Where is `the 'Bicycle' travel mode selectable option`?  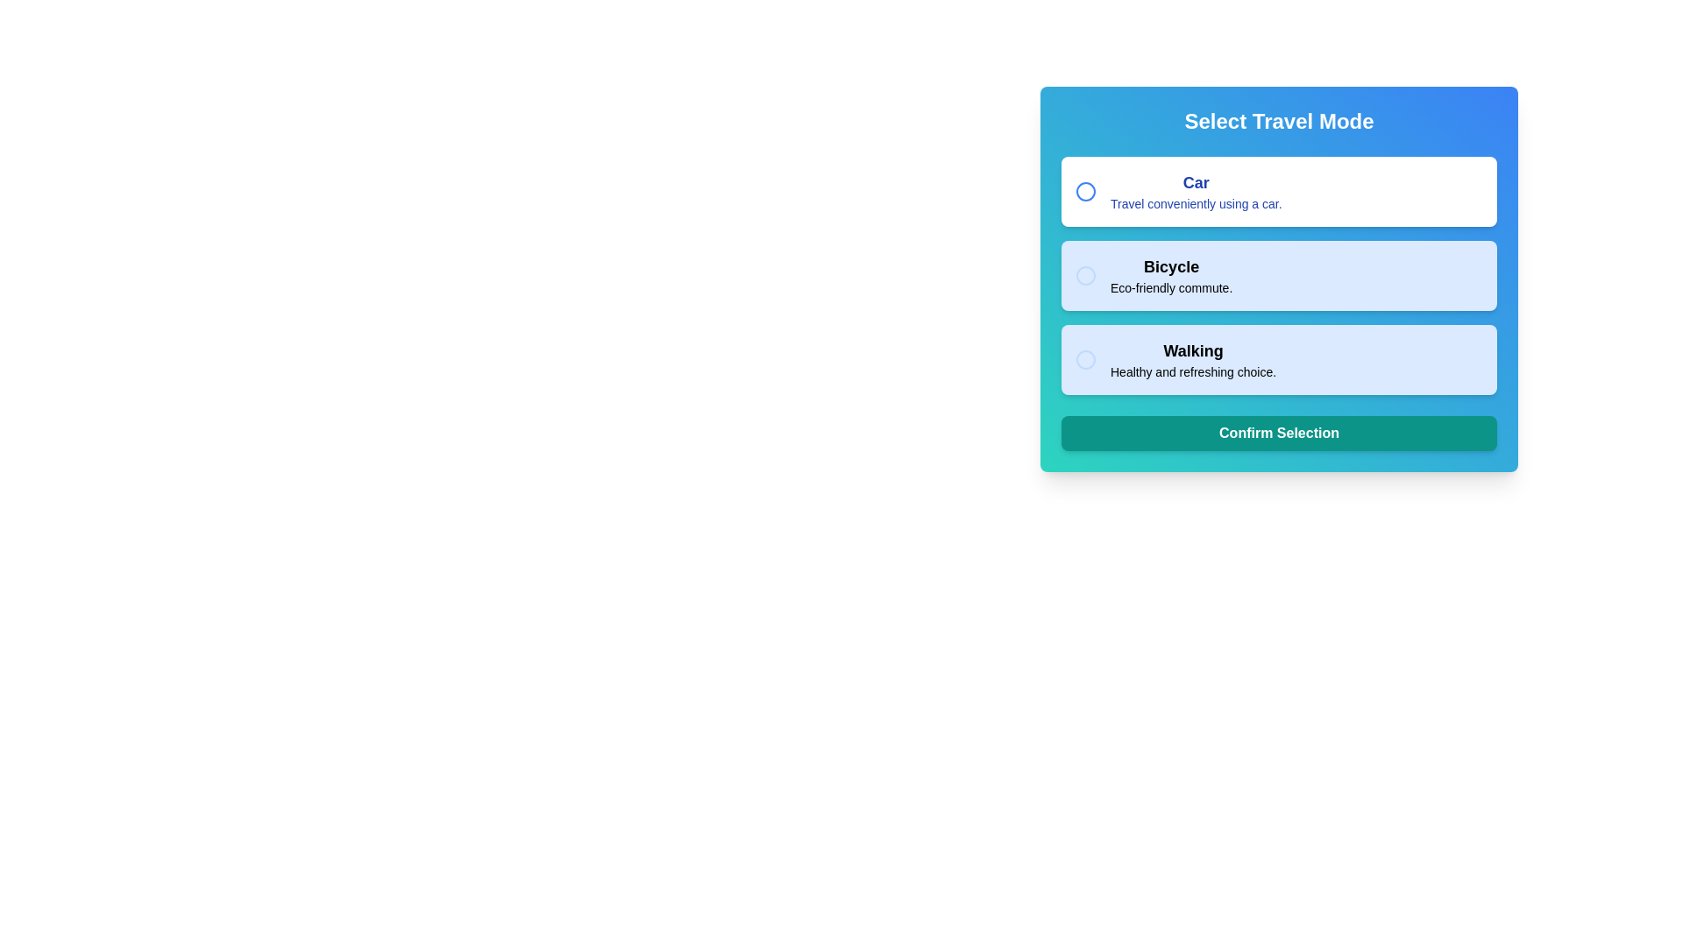 the 'Bicycle' travel mode selectable option is located at coordinates (1279, 279).